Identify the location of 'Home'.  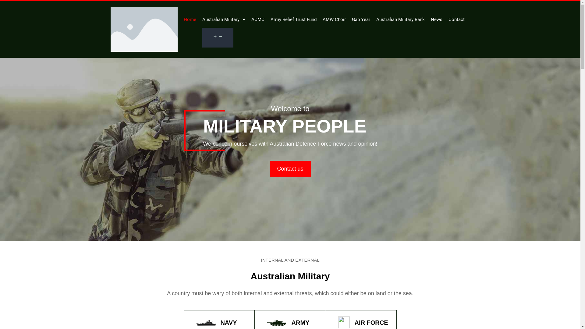
(189, 19).